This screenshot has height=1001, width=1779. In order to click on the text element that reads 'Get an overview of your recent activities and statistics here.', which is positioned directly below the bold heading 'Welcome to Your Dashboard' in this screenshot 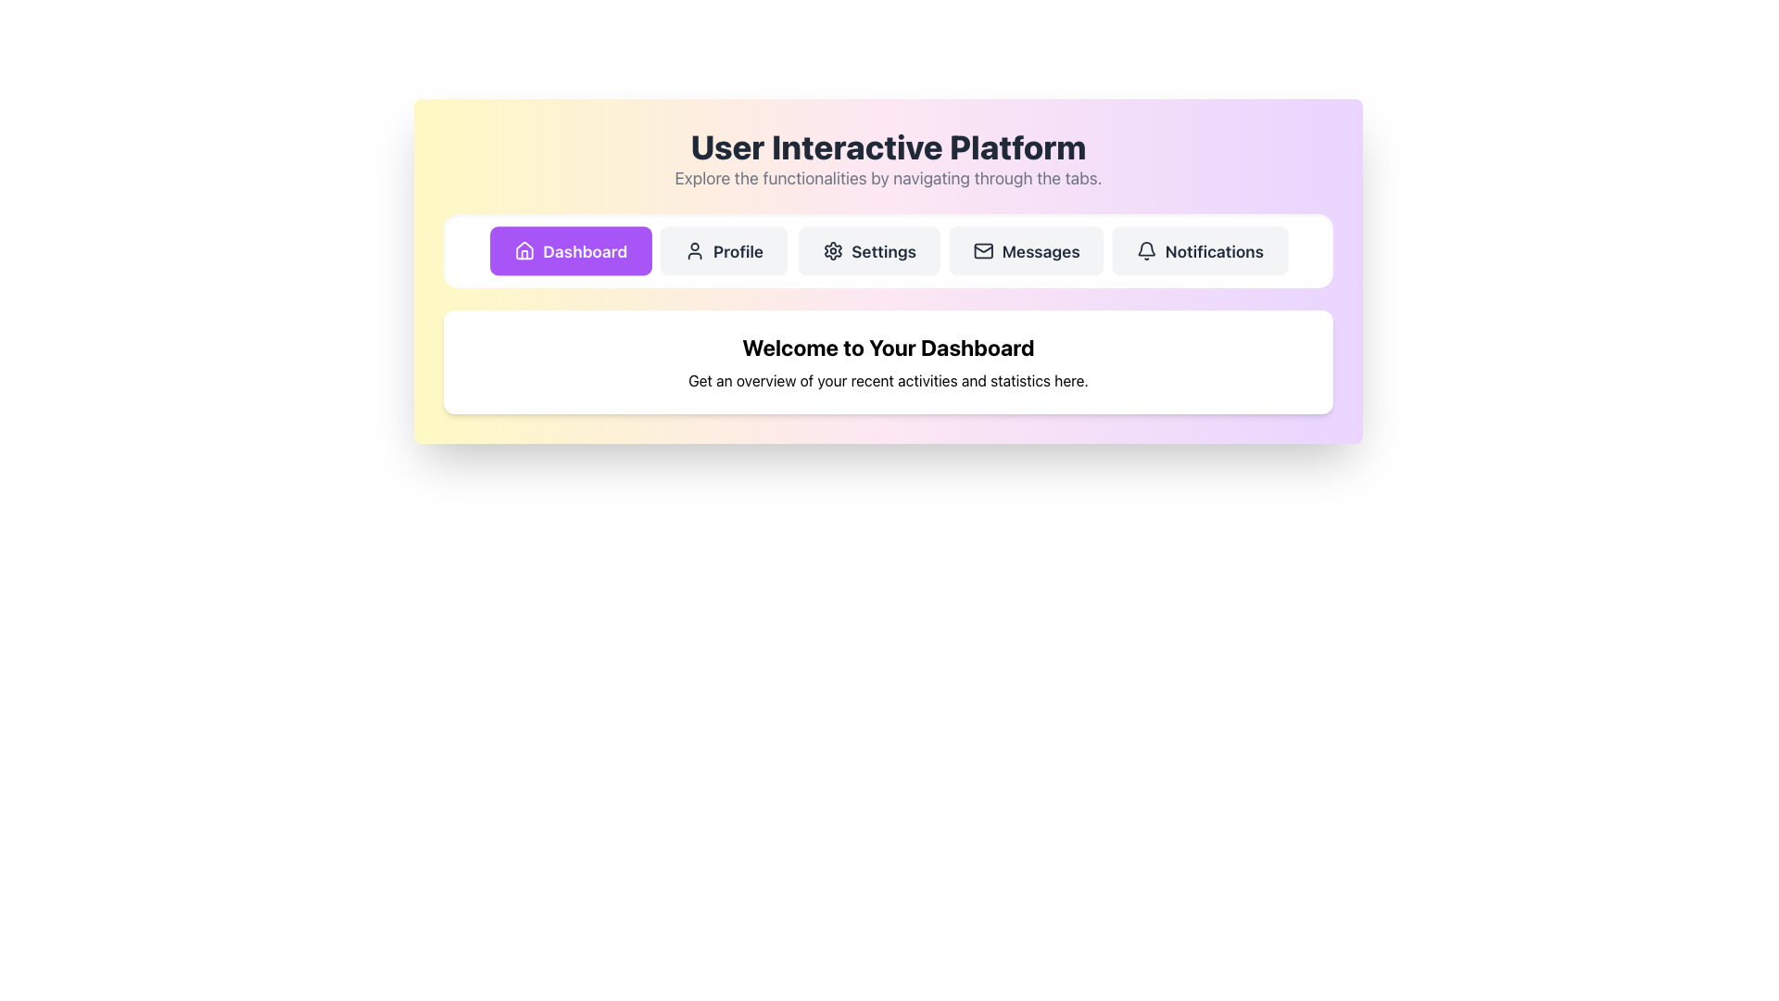, I will do `click(888, 380)`.